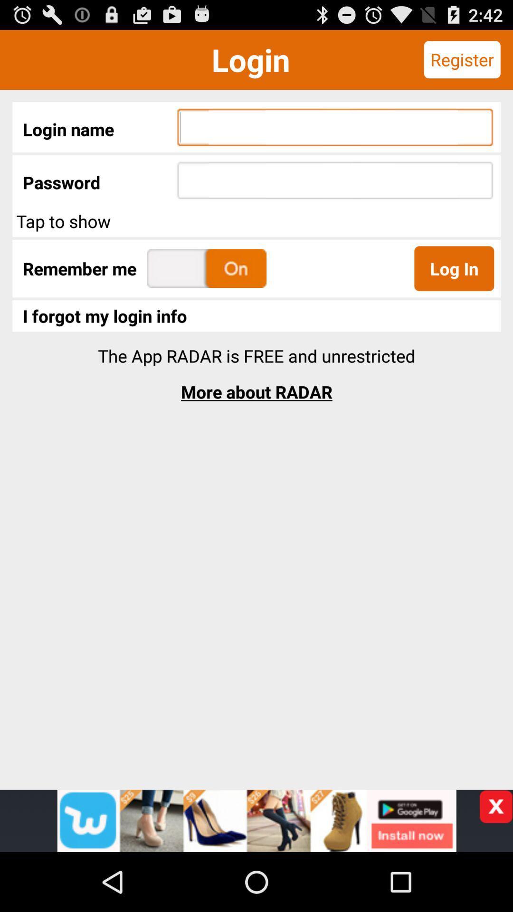 This screenshot has height=912, width=513. What do you see at coordinates (256, 820) in the screenshot?
I see `name` at bounding box center [256, 820].